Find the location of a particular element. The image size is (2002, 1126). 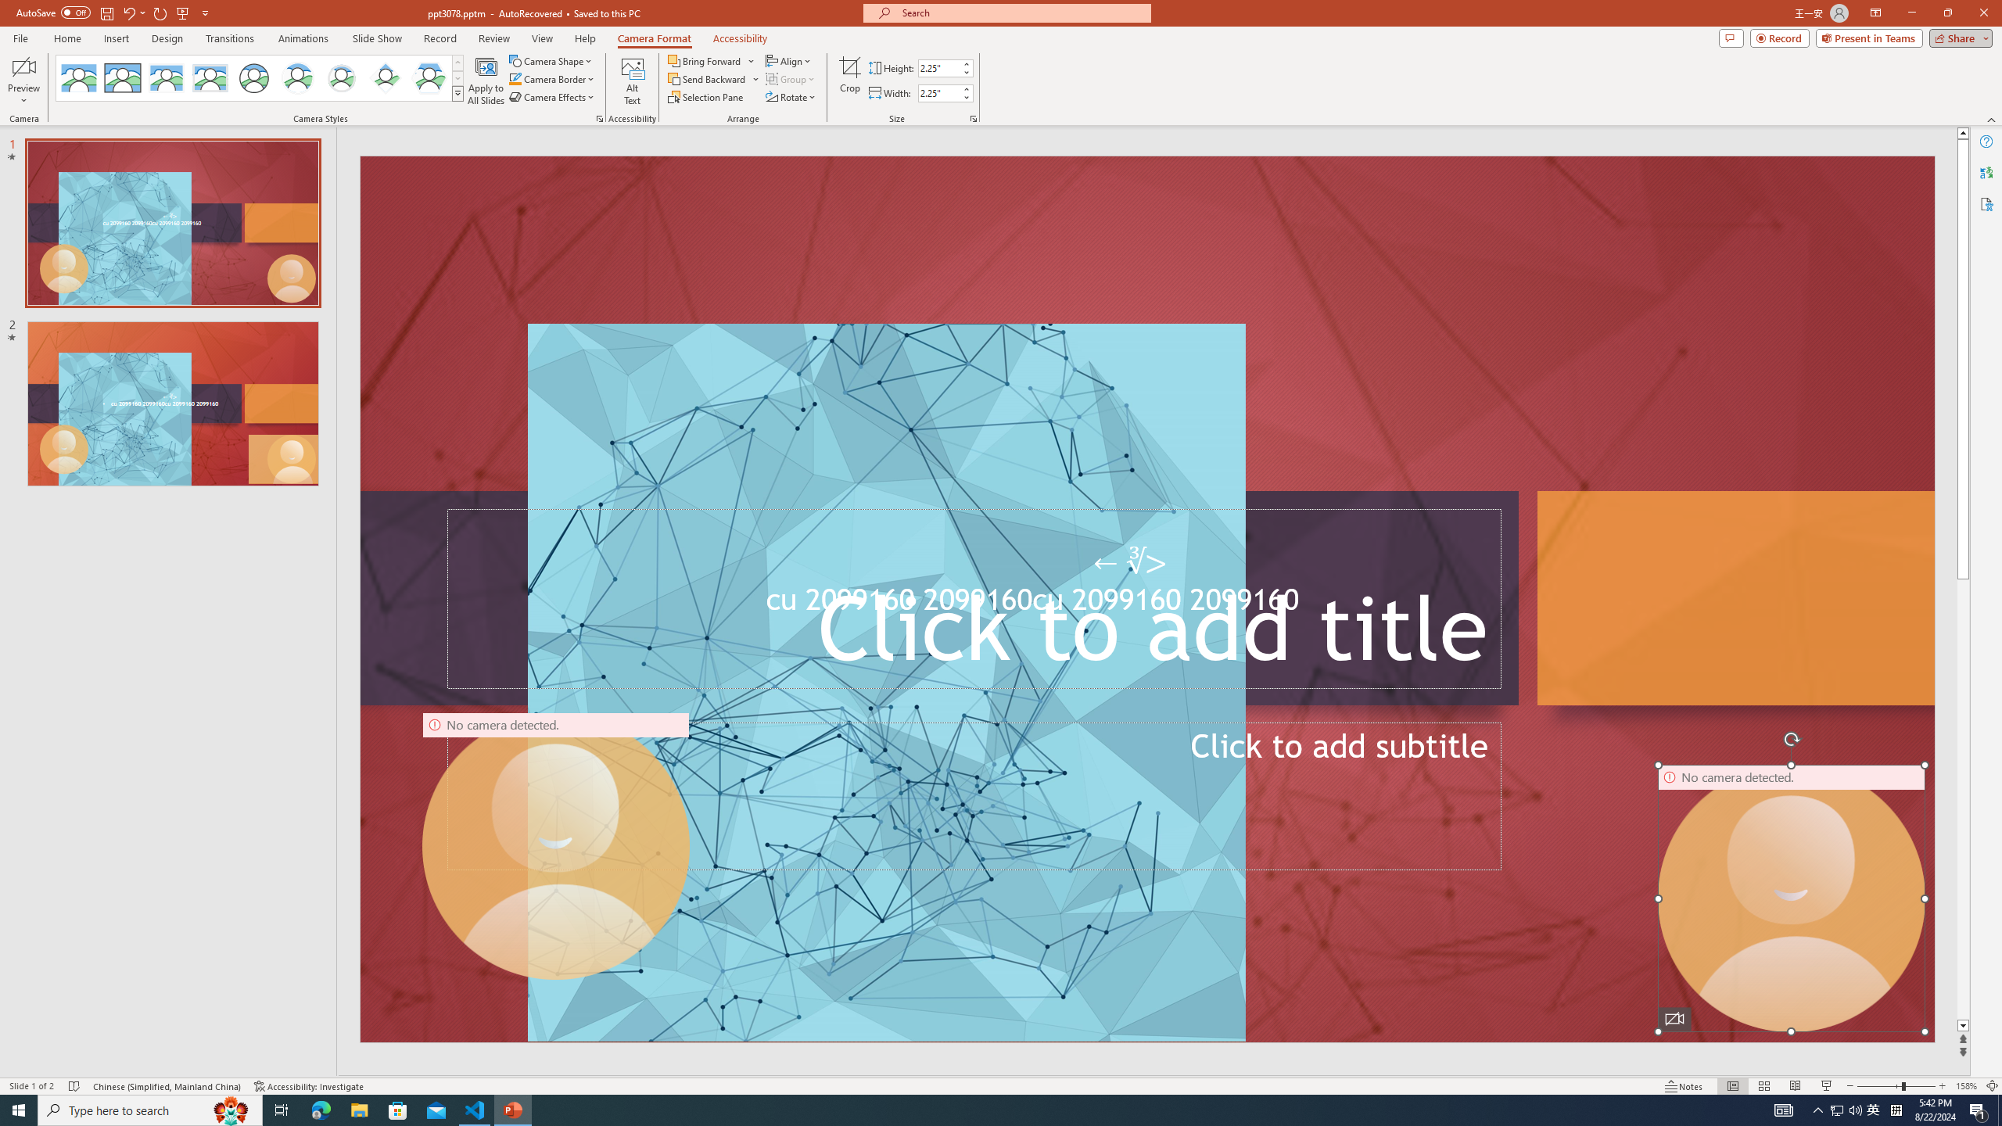

'Camera Effects' is located at coordinates (552, 95).